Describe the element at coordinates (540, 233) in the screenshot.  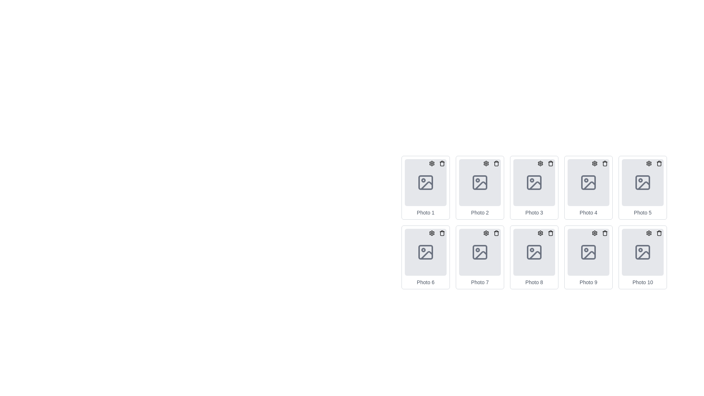
I see `the cogwheel graphic icon located in the upper-right corner of the 'Photo 8' card` at that location.